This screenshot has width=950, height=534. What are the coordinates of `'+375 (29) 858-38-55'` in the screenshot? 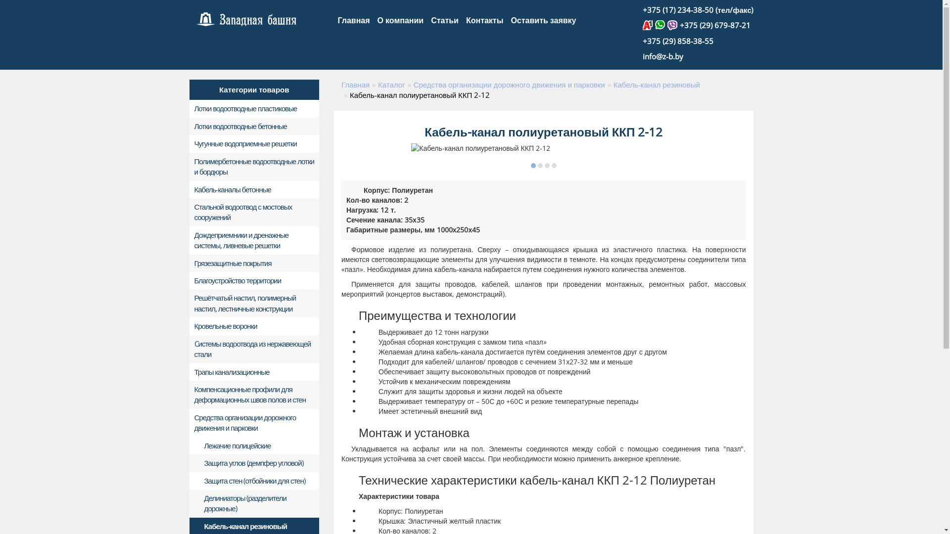 It's located at (677, 41).